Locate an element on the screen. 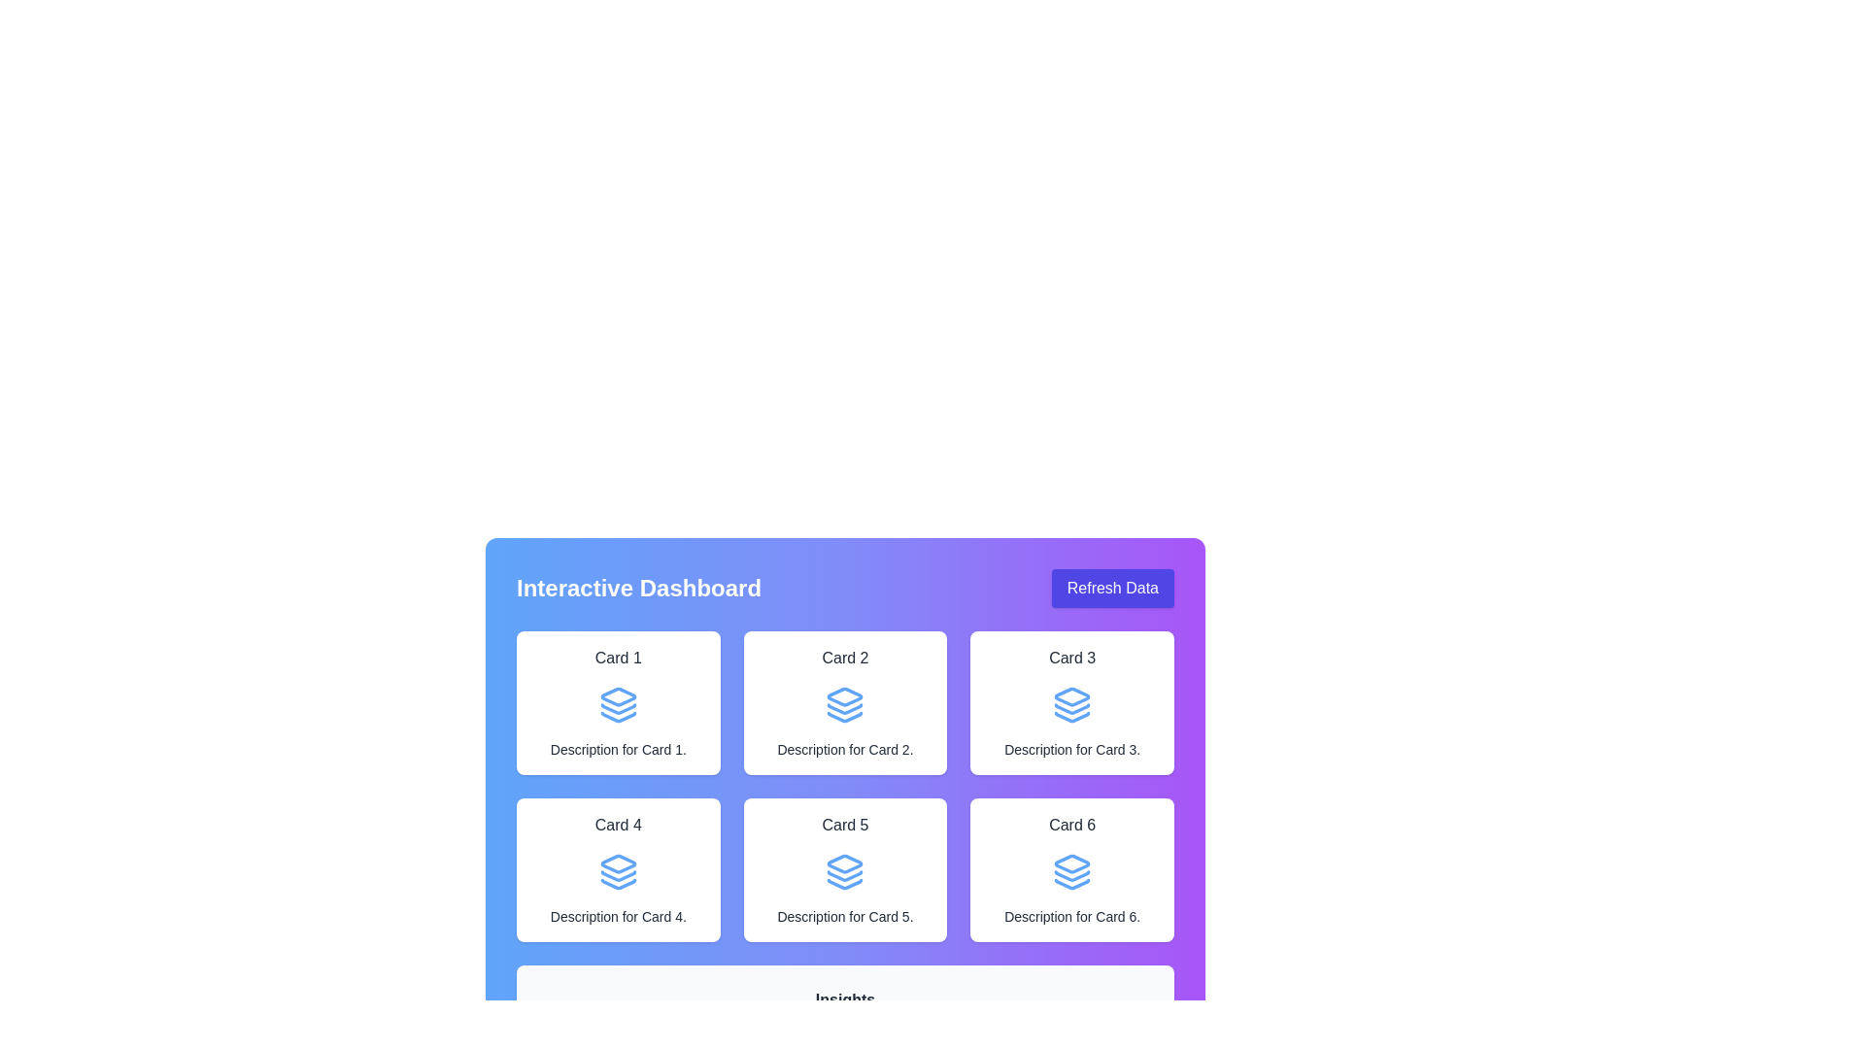  details of the 'Card 6' component located in the bottom-right corner of the grid structure, which includes a short description and an icon is located at coordinates (1071, 868).